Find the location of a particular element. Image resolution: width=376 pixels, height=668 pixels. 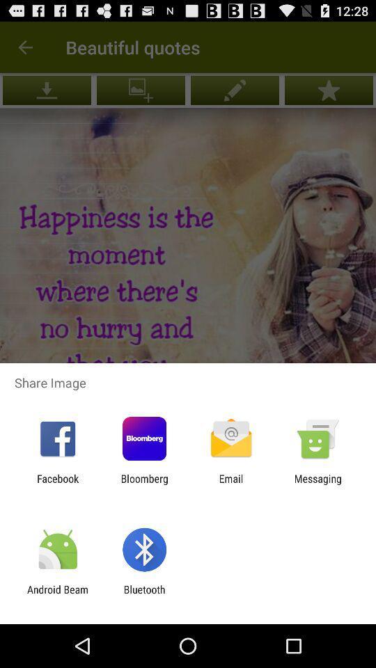

the app to the left of messaging icon is located at coordinates (231, 484).